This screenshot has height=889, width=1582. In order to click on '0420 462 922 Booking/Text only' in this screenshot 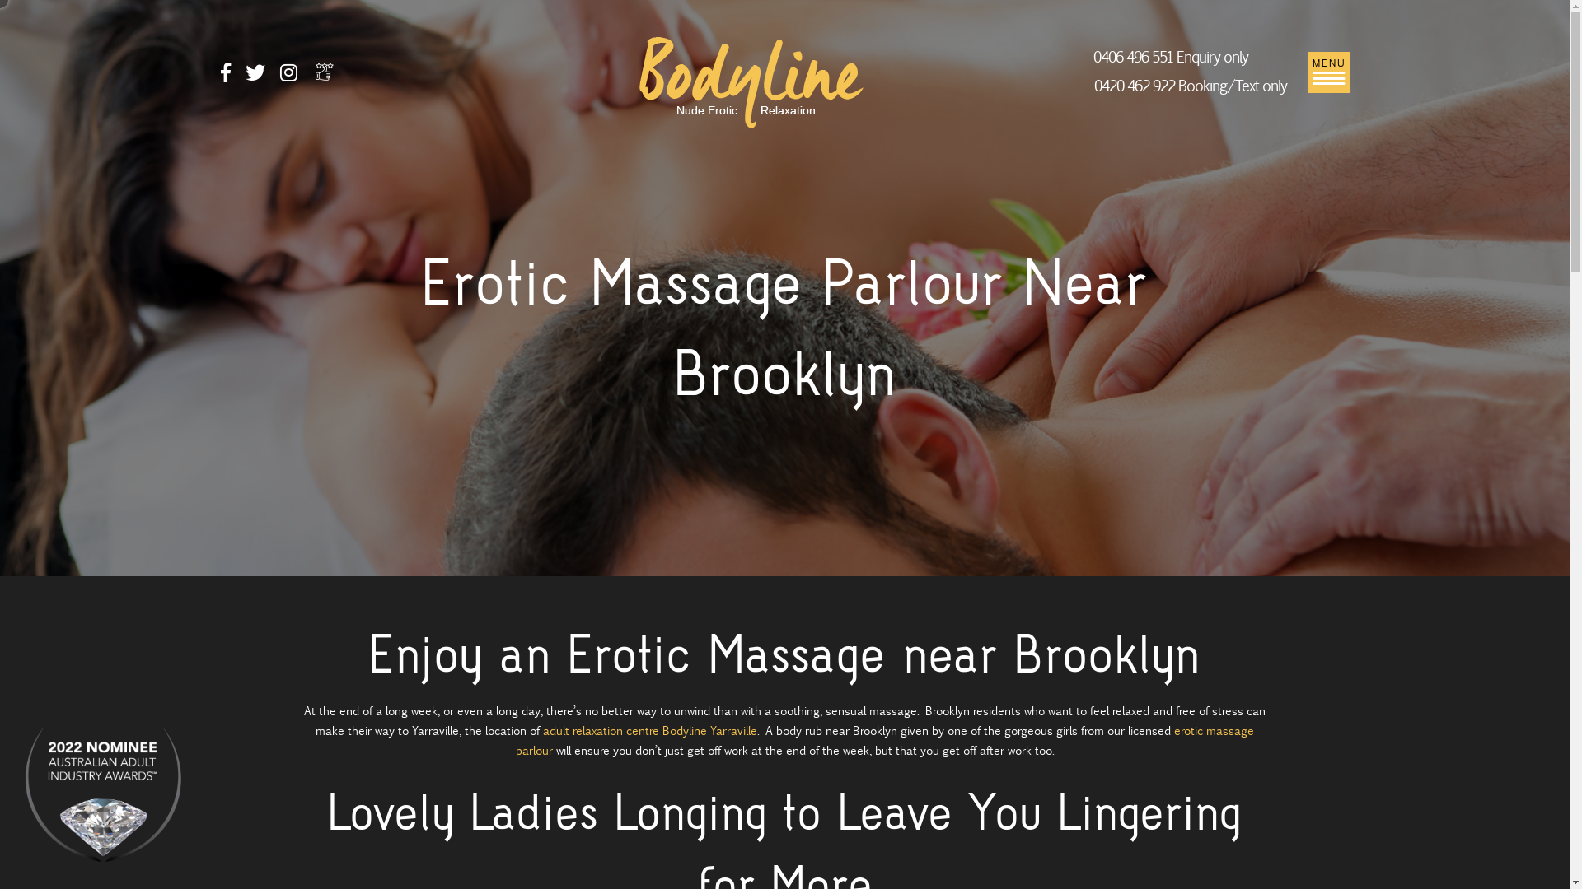, I will do `click(1093, 86)`.